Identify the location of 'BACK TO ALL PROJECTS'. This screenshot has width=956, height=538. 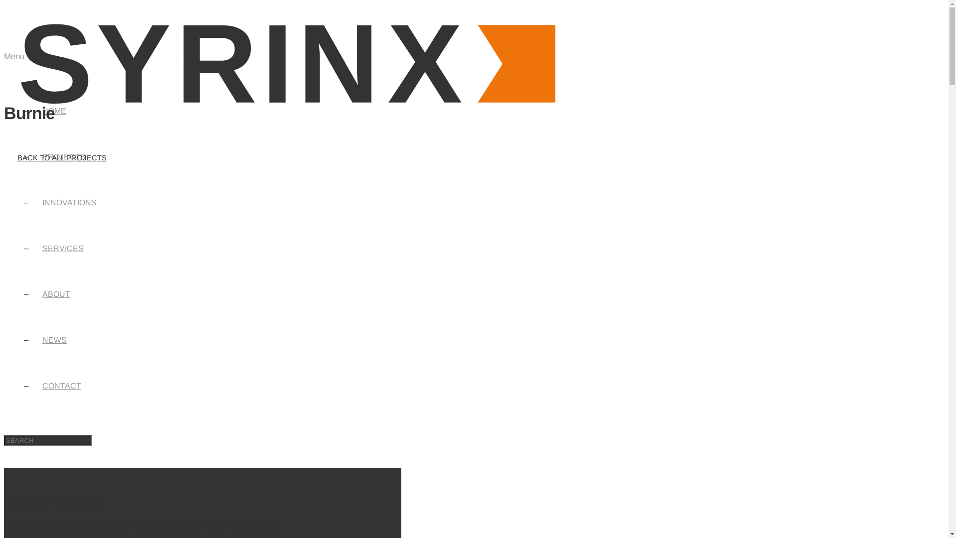
(61, 157).